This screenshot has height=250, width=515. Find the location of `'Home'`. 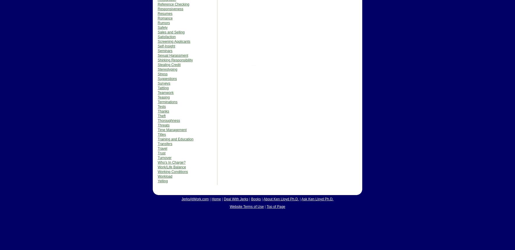

'Home' is located at coordinates (216, 199).